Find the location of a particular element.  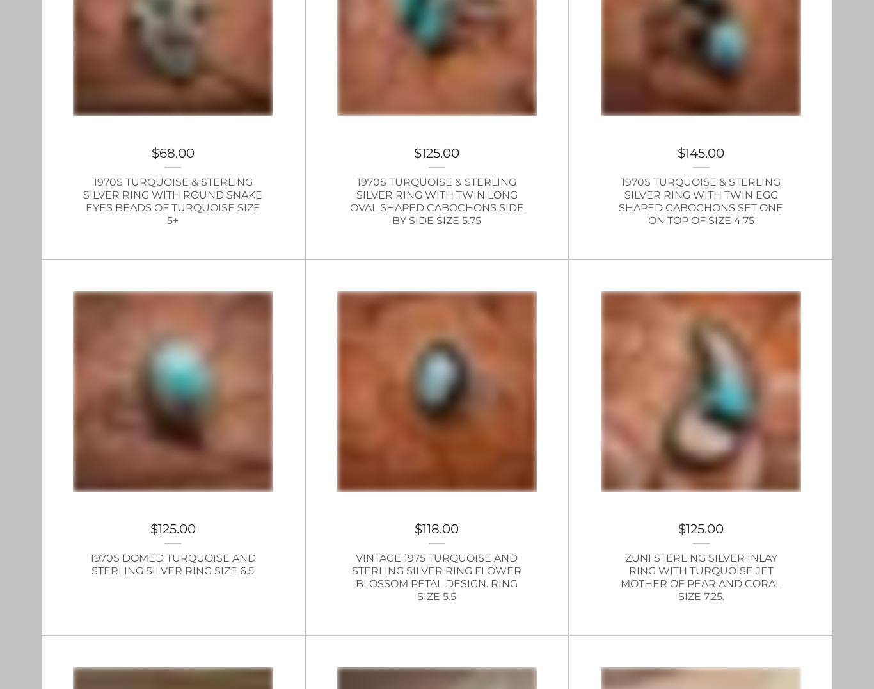

'1970s Turquoise & Sterling Silver Ring with twin egg shaped cabochons set one on top of  Size 4.75' is located at coordinates (700, 200).